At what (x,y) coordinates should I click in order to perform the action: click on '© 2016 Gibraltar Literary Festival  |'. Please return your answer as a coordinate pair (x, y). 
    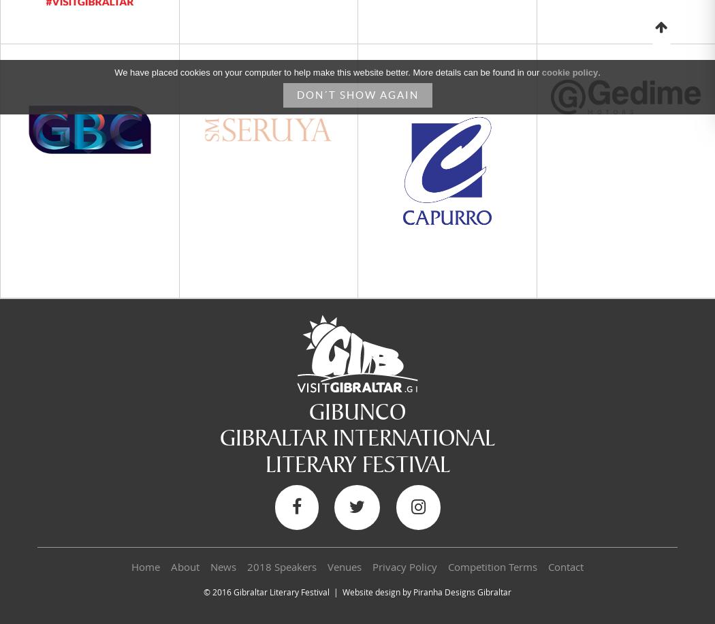
    Looking at the image, I should click on (203, 591).